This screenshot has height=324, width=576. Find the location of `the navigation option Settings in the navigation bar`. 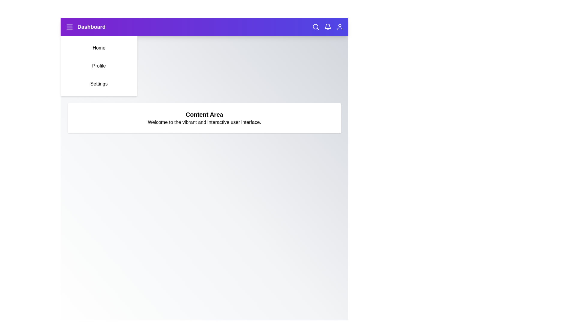

the navigation option Settings in the navigation bar is located at coordinates (99, 84).